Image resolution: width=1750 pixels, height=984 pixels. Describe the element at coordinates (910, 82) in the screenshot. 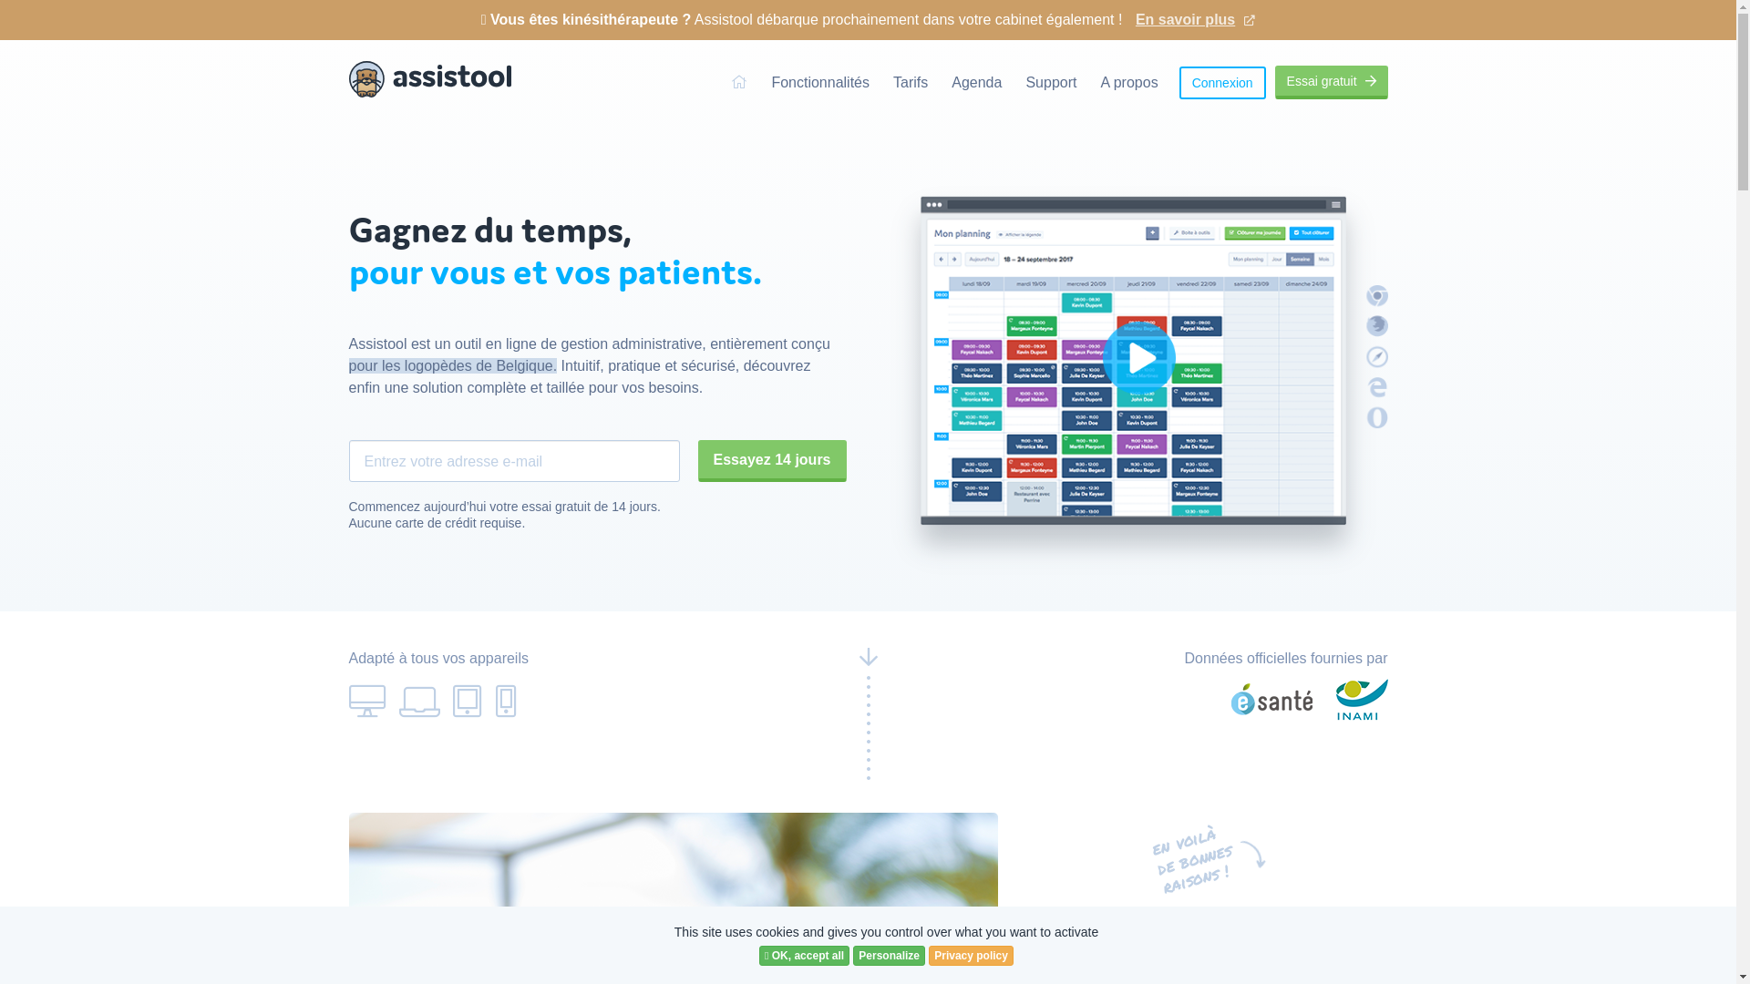

I see `'Tarifs'` at that location.